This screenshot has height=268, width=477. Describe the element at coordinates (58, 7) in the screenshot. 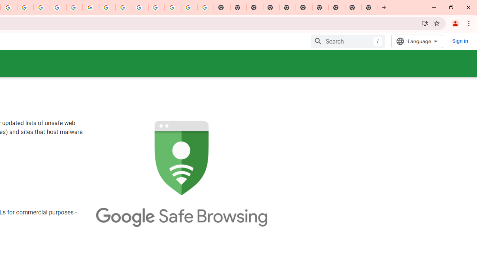

I see `'Privacy Help Center - Policies Help'` at that location.